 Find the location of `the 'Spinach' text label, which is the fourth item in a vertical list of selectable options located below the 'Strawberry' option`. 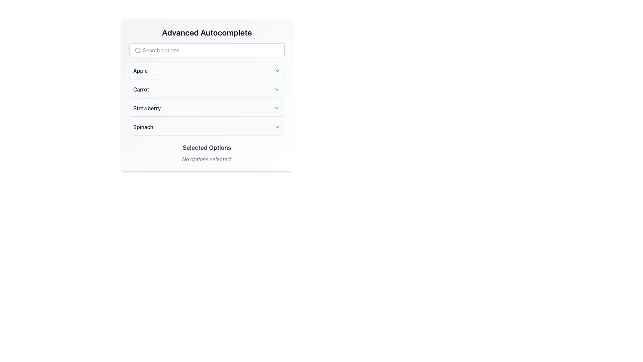

the 'Spinach' text label, which is the fourth item in a vertical list of selectable options located below the 'Strawberry' option is located at coordinates (143, 127).